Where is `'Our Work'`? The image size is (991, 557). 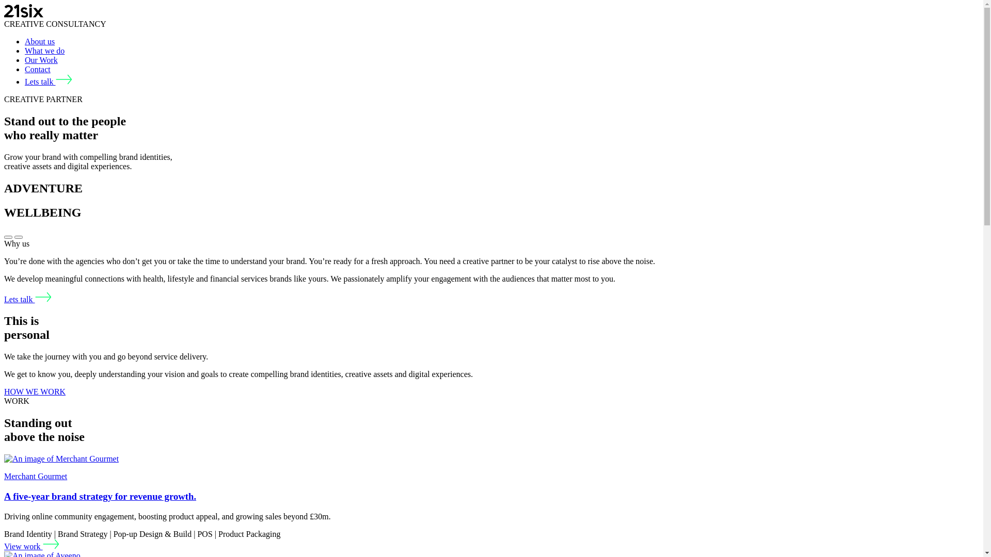
'Our Work' is located at coordinates (41, 60).